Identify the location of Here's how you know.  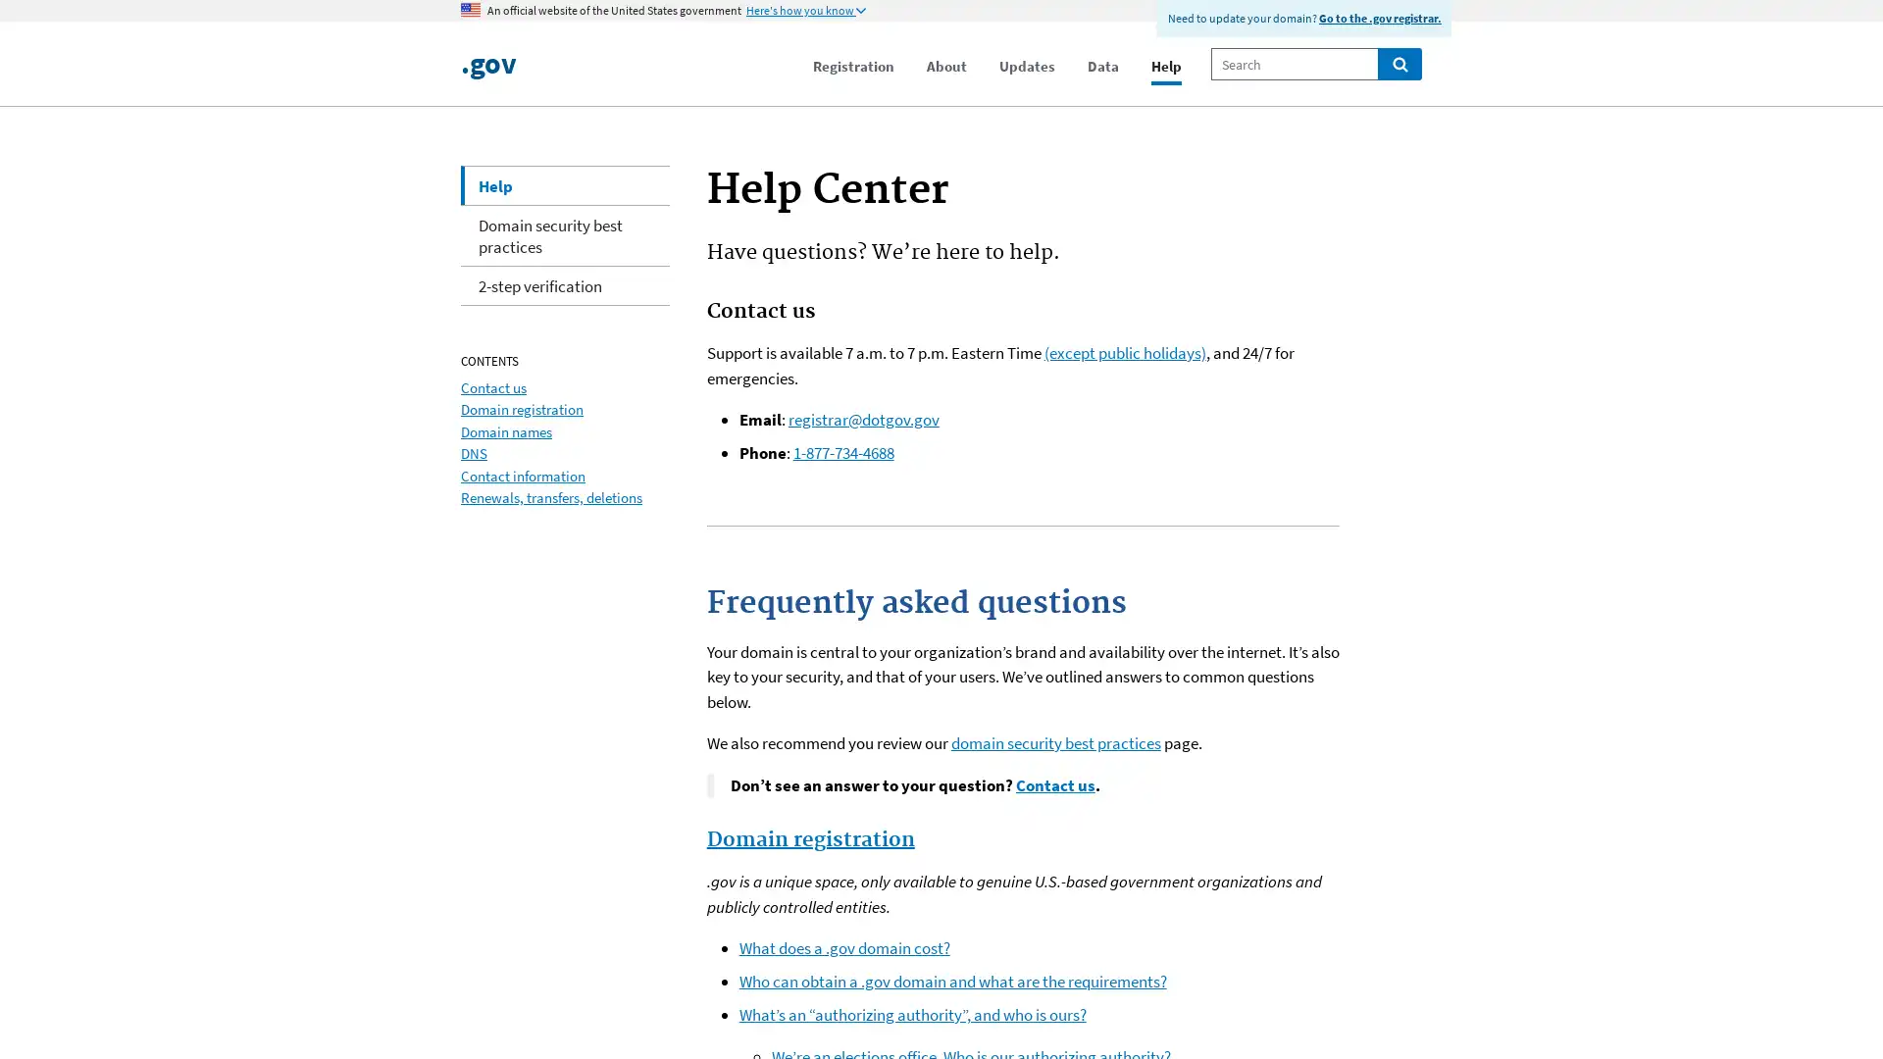
(805, 11).